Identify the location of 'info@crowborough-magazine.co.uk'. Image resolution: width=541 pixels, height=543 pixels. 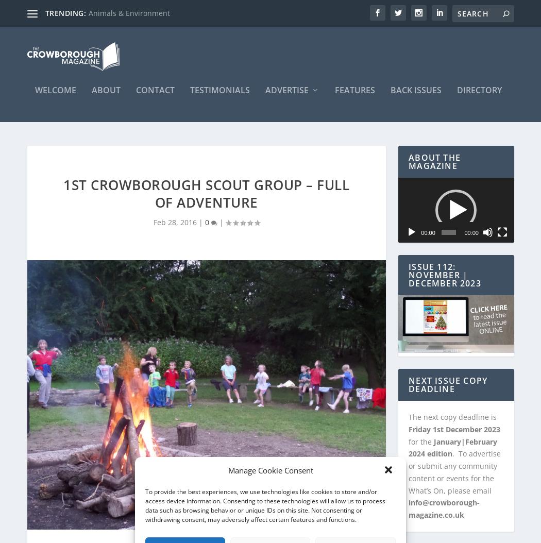
(444, 503).